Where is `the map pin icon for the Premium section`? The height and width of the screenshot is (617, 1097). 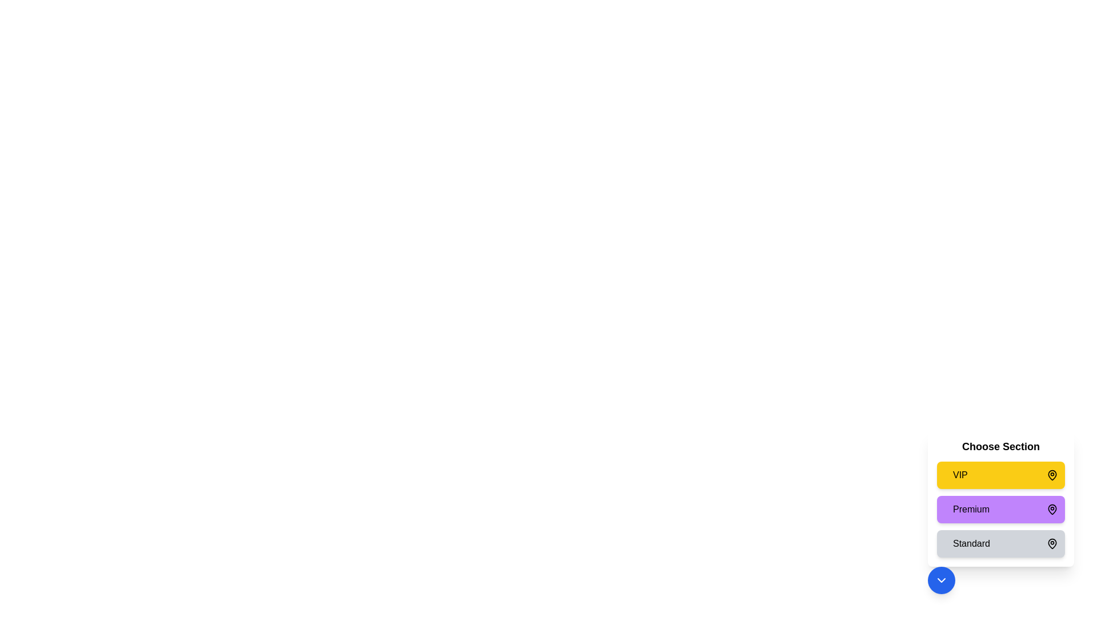 the map pin icon for the Premium section is located at coordinates (1052, 508).